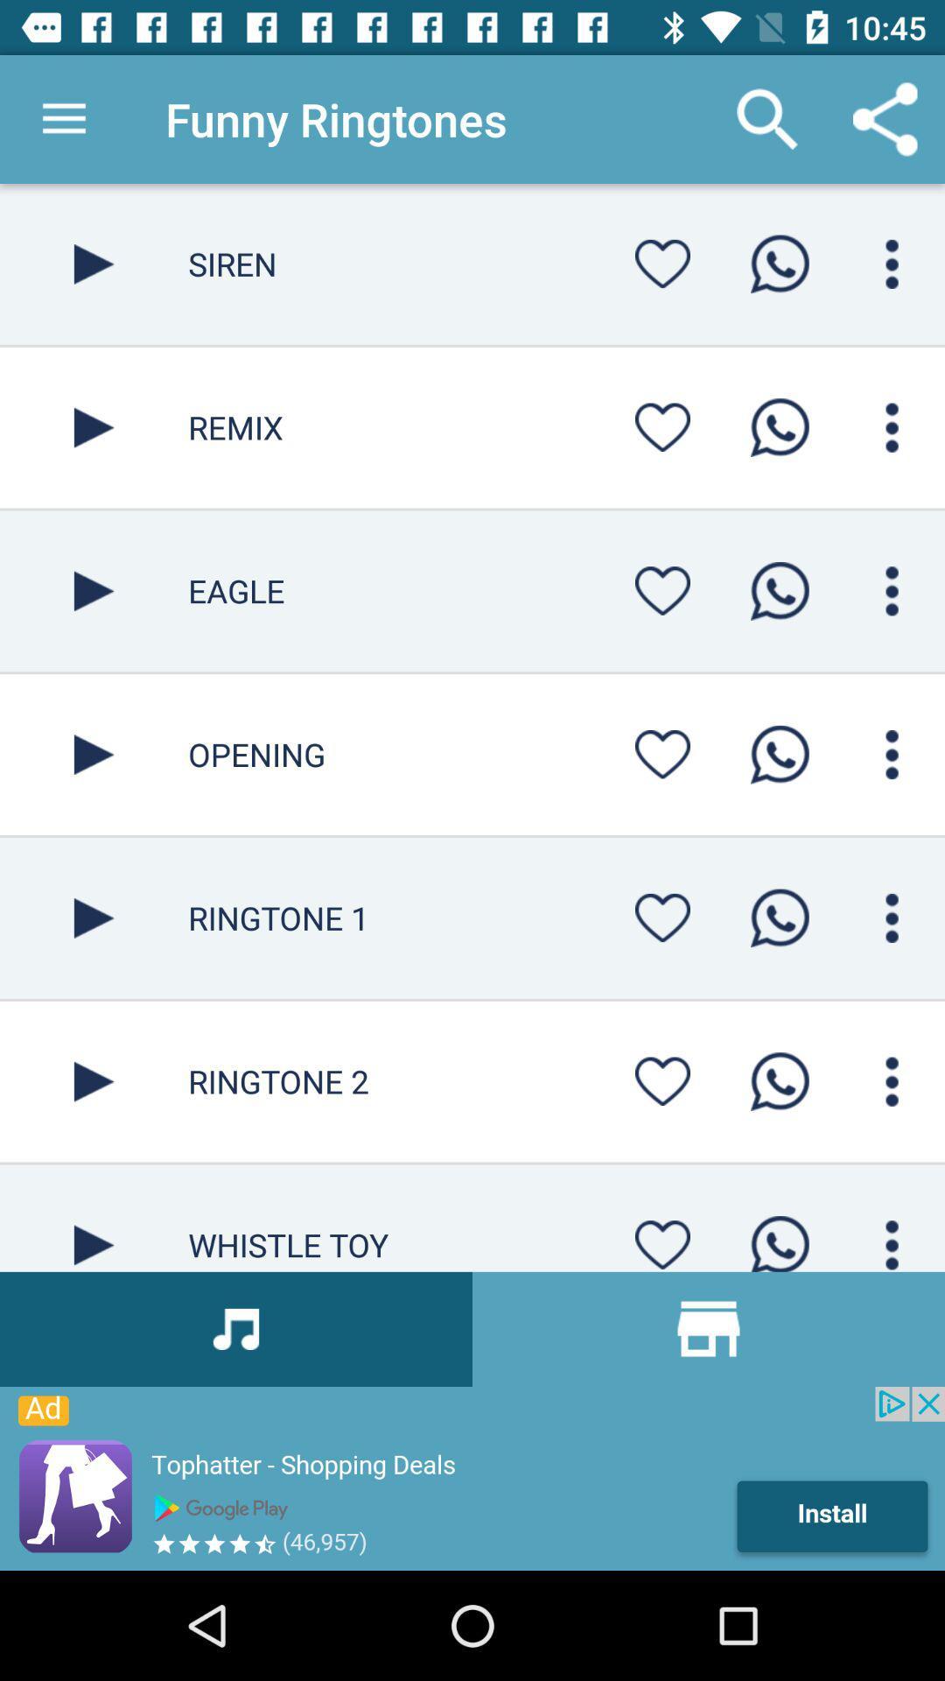 This screenshot has width=945, height=1681. Describe the element at coordinates (94, 755) in the screenshot. I see `audio or video` at that location.